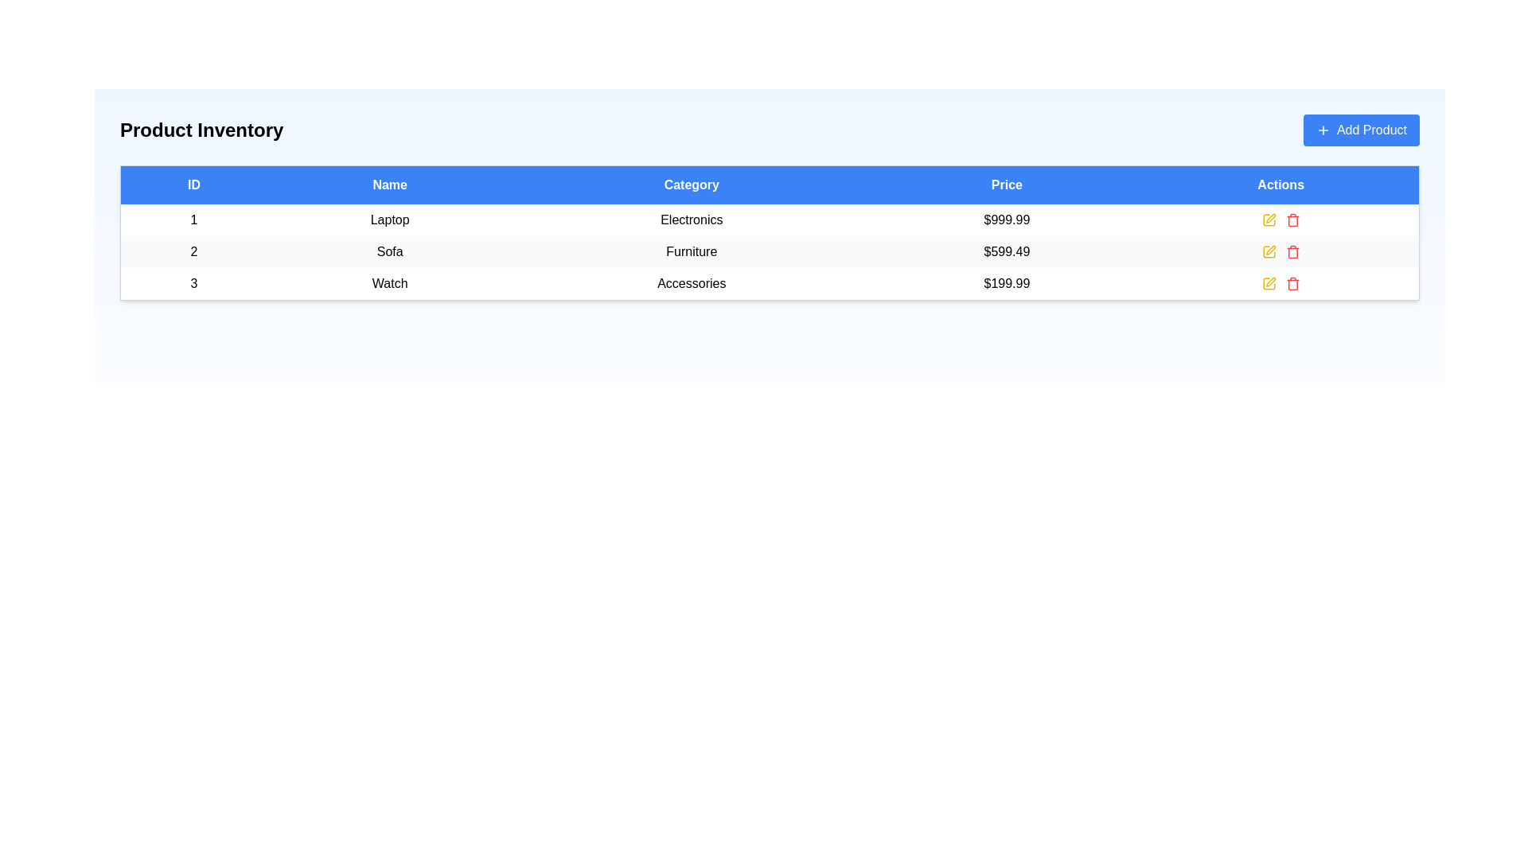  I want to click on the edit icon located in the actions column of the second row of the table, positioned between the product 'Sofa' and the delete icon, to initiate editing, so click(1268, 251).